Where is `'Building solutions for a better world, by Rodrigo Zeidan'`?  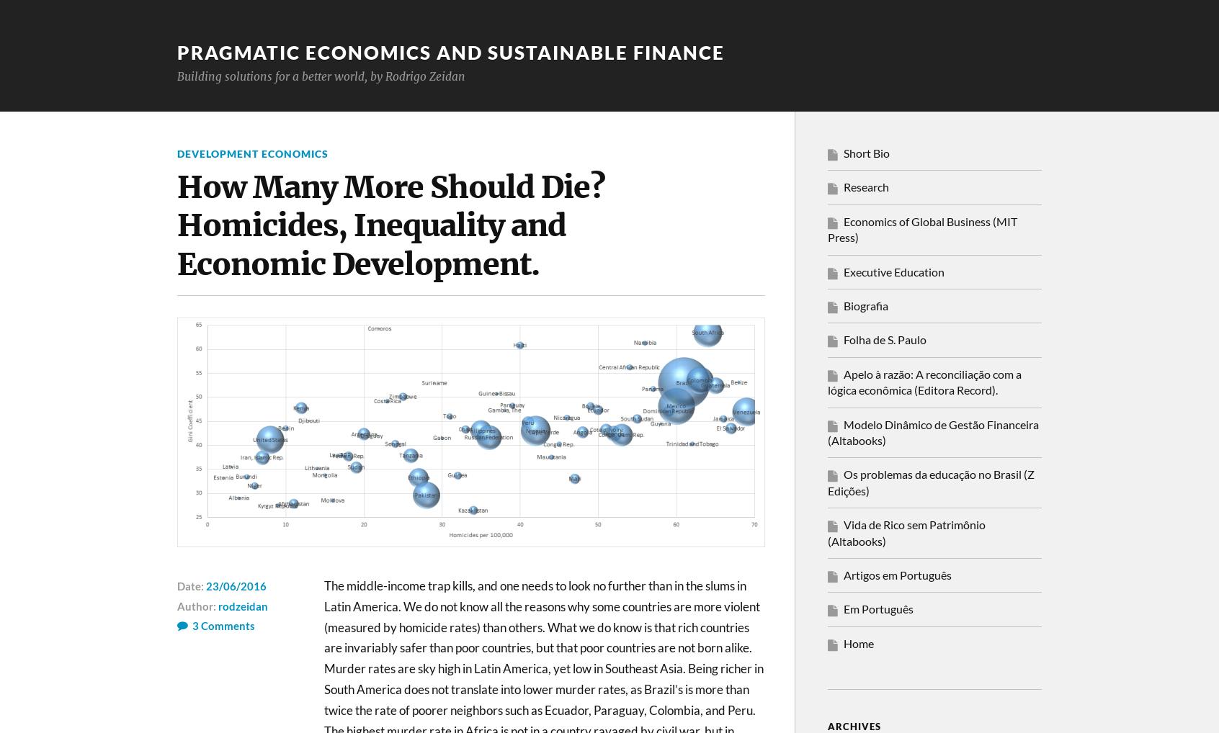 'Building solutions for a better world, by Rodrigo Zeidan' is located at coordinates (177, 75).